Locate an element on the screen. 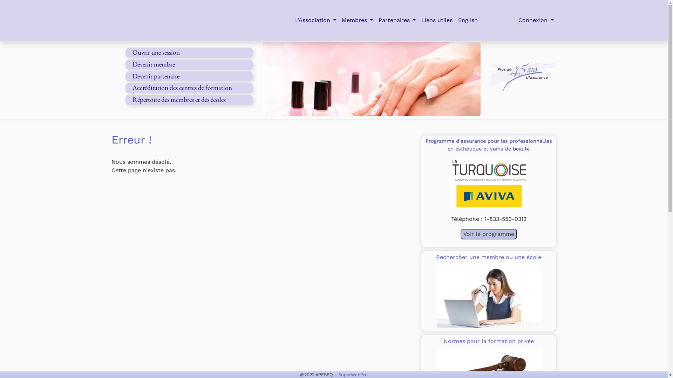 This screenshot has height=378, width=673. 'SuperWebPro' is located at coordinates (353, 374).